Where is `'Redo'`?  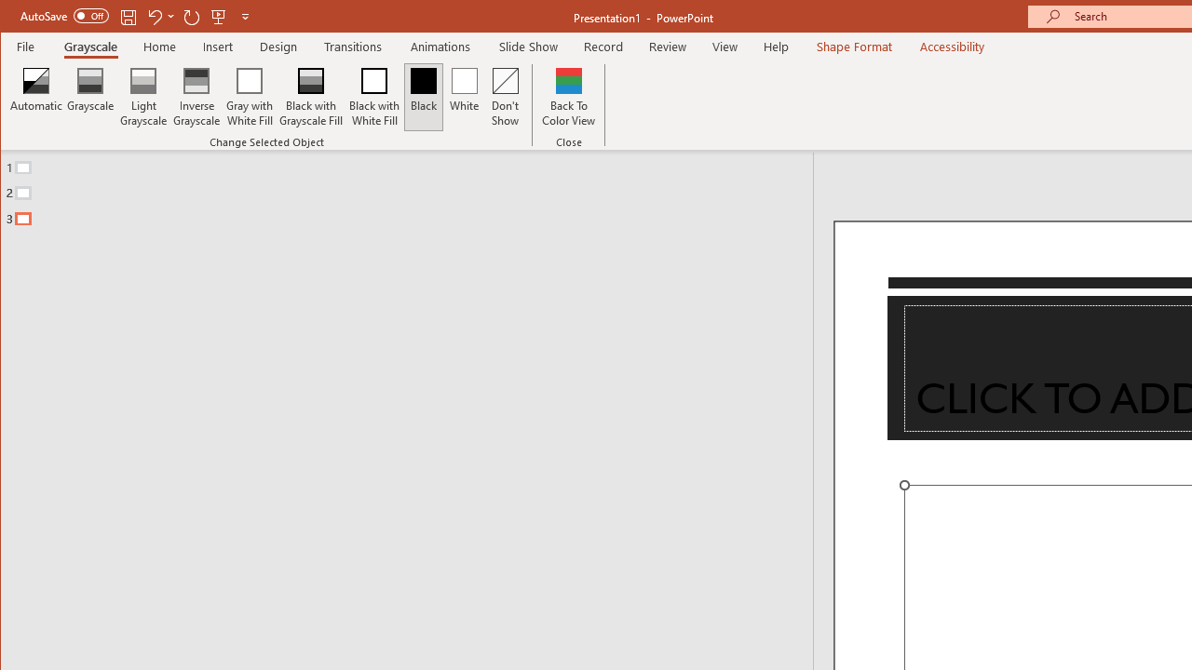 'Redo' is located at coordinates (192, 16).